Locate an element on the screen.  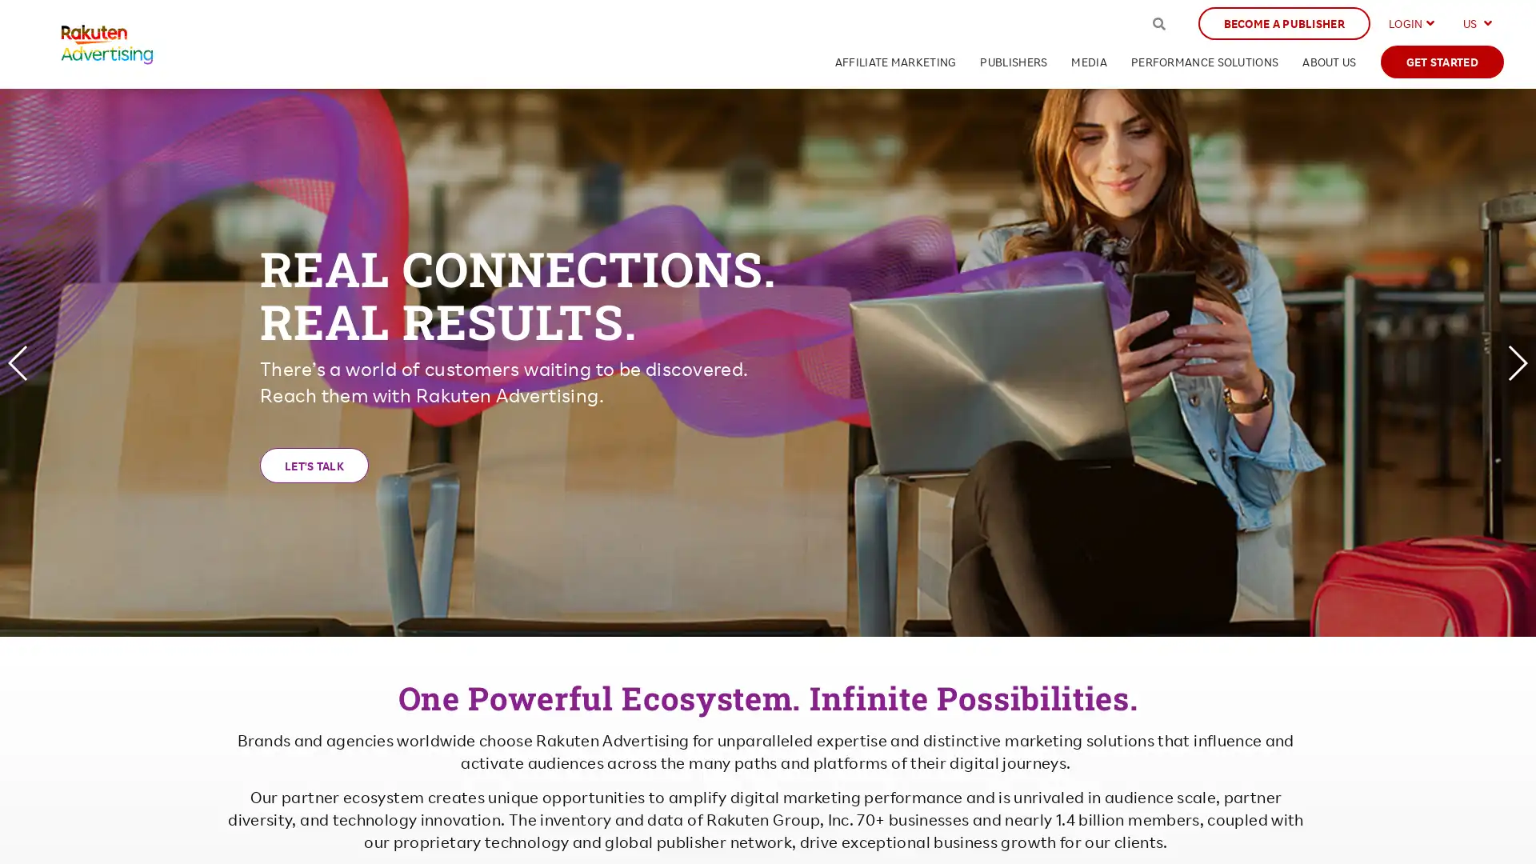
Previous slide is located at coordinates (18, 362).